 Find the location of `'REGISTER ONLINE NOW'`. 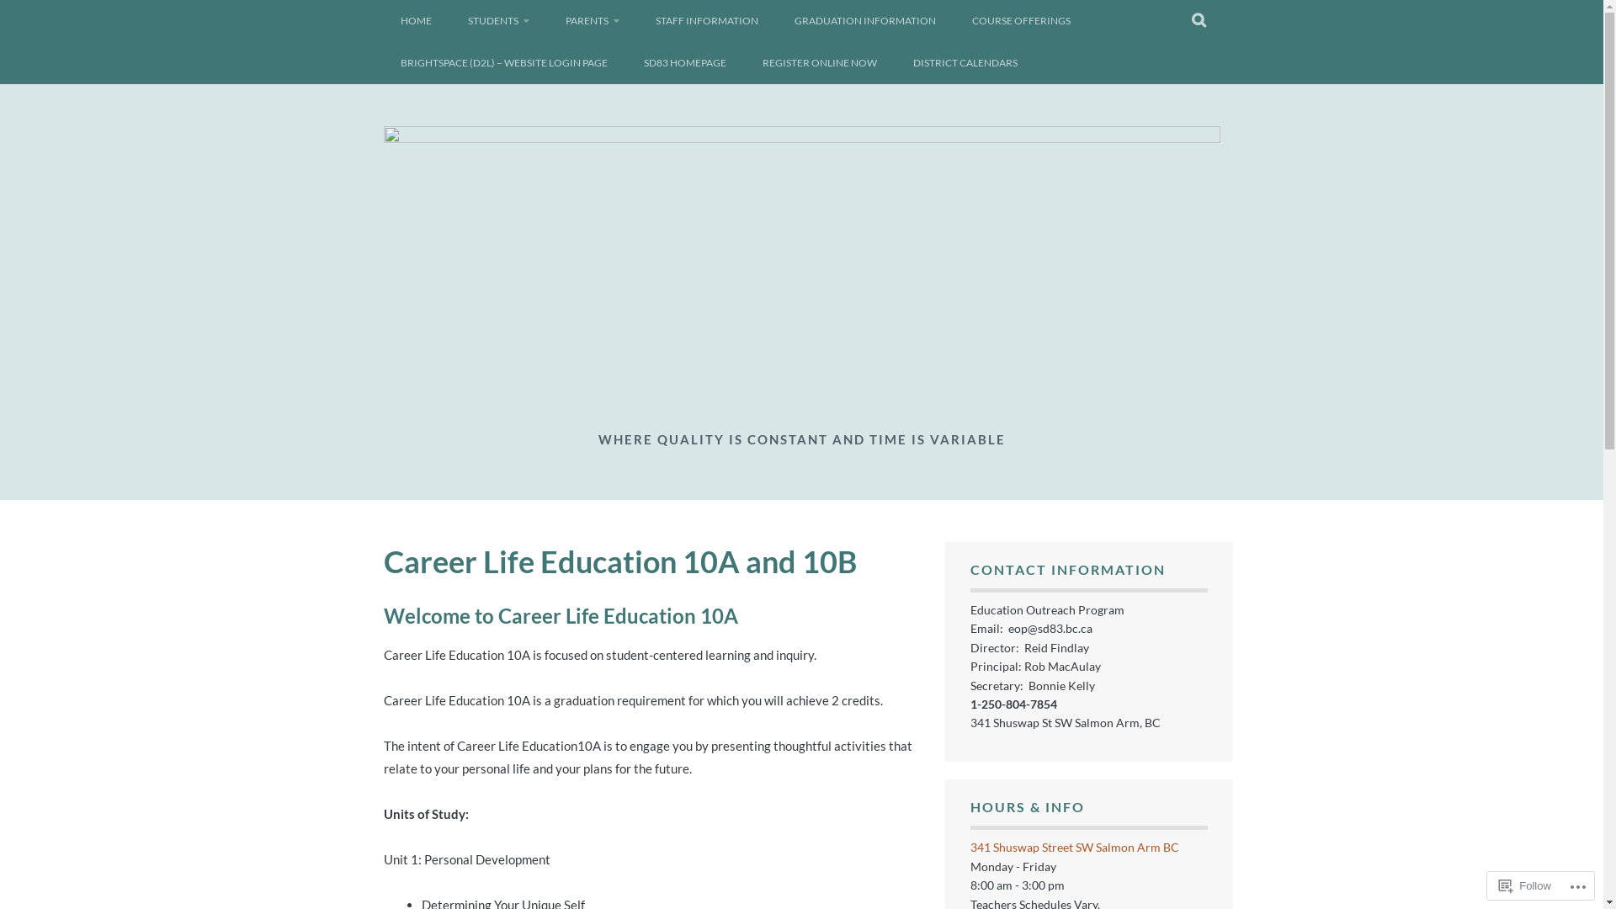

'REGISTER ONLINE NOW' is located at coordinates (745, 61).